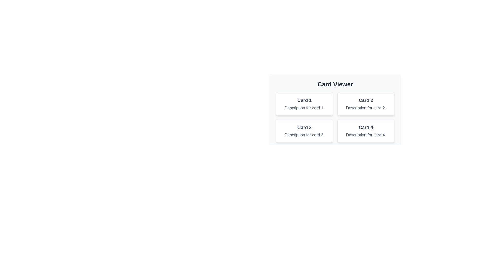  What do you see at coordinates (365, 104) in the screenshot?
I see `the Informational card displaying 'Card 2' with the description 'Description for card 2.' located at the top-right of the grid` at bounding box center [365, 104].